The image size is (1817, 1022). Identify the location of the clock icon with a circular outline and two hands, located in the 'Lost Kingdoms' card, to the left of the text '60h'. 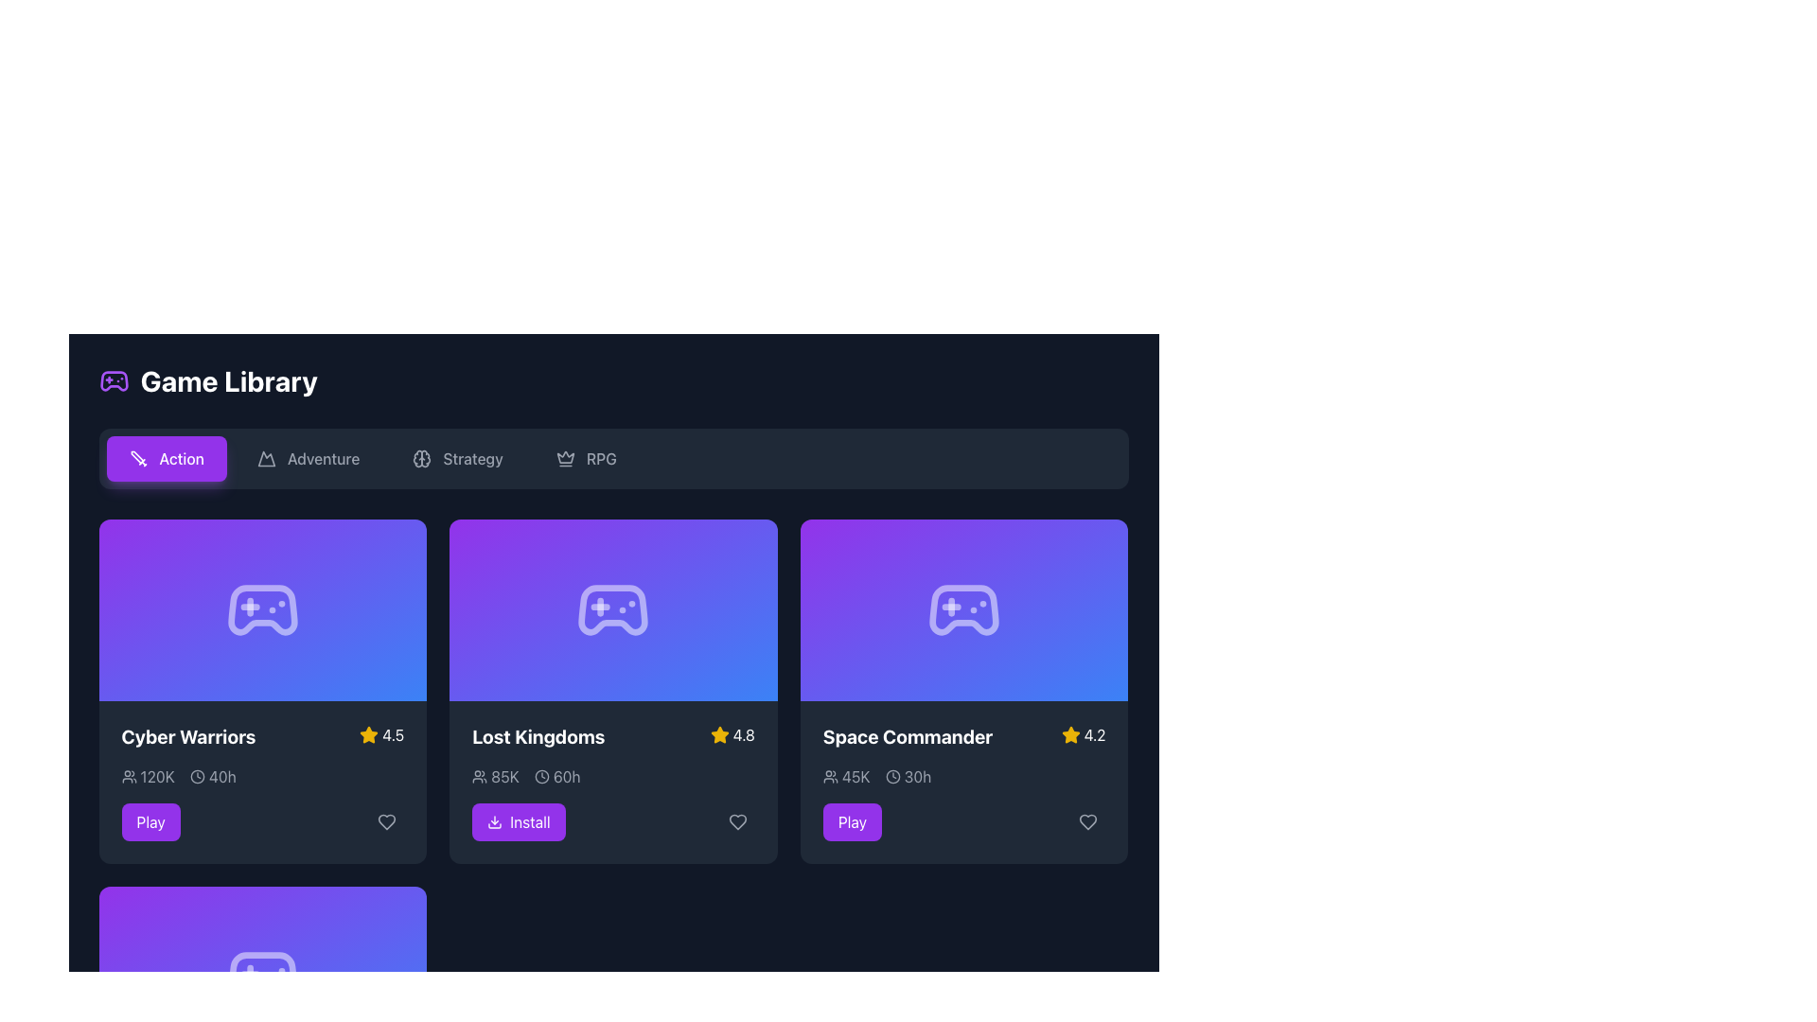
(540, 777).